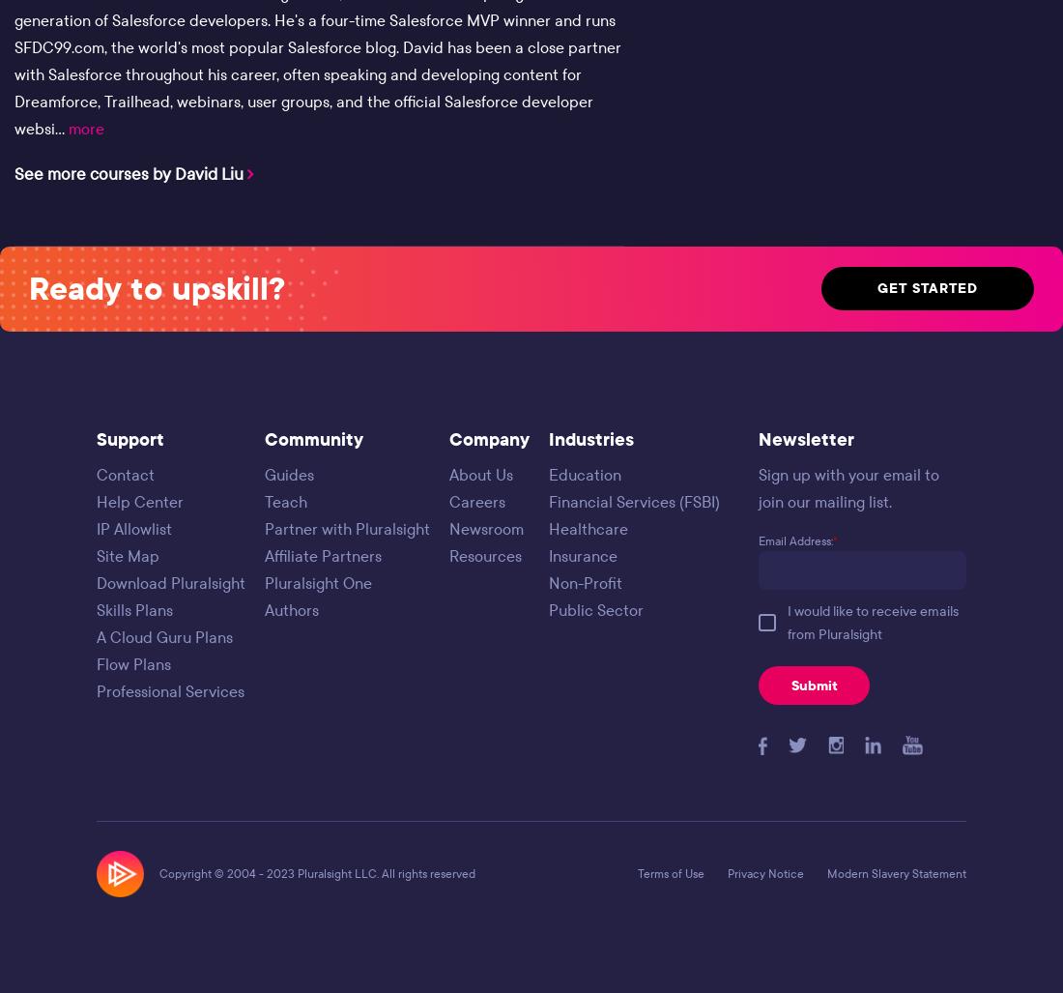  Describe the element at coordinates (765, 871) in the screenshot. I see `'Privacy Notice'` at that location.